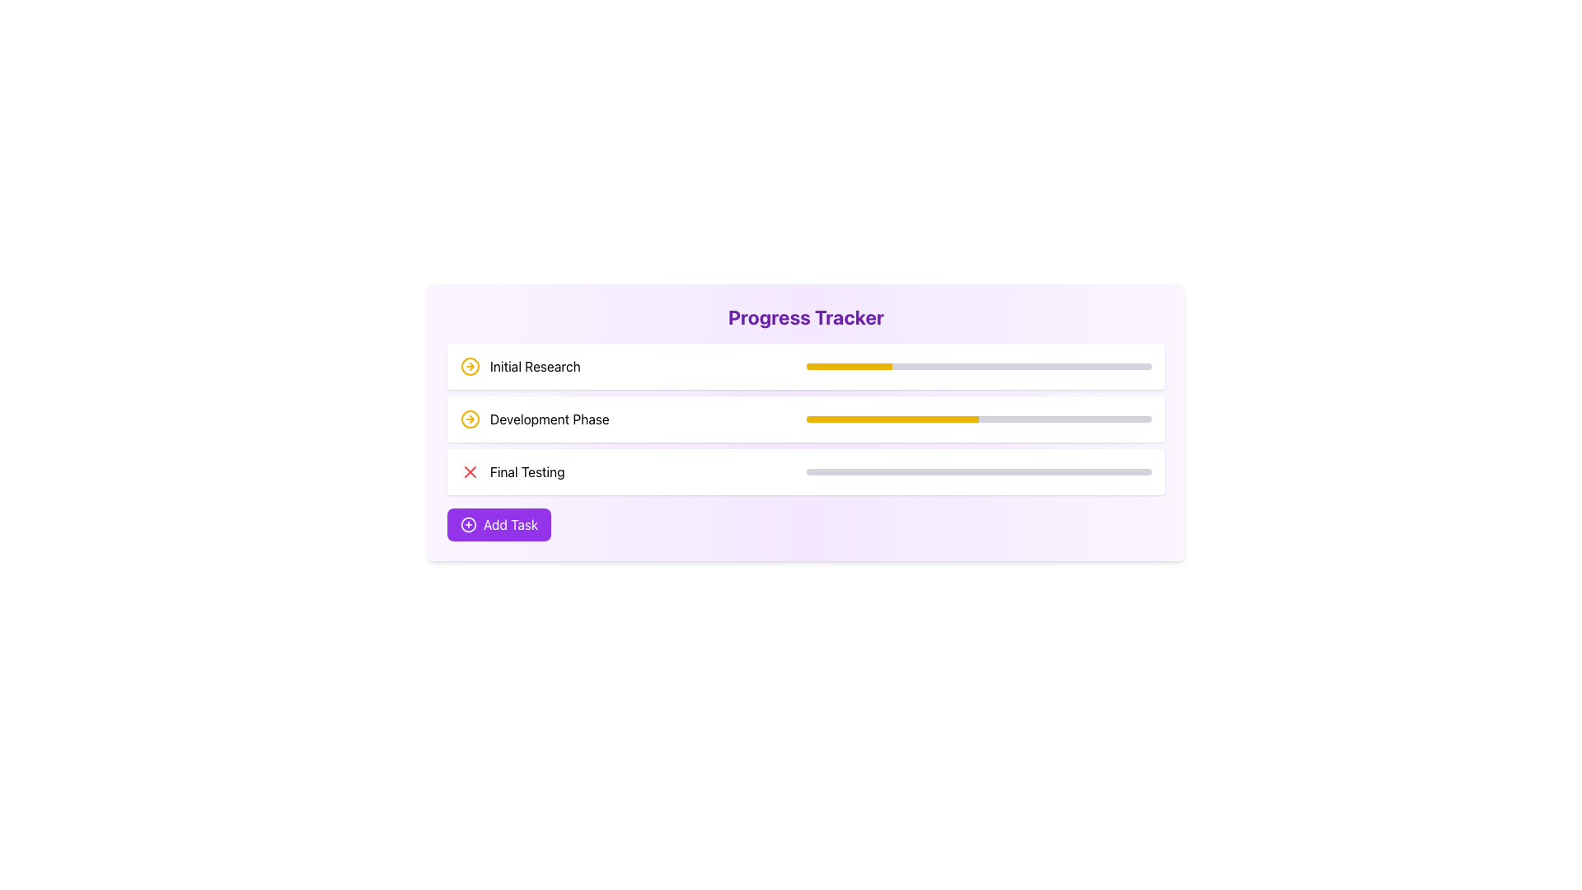 The width and height of the screenshot is (1582, 890). Describe the element at coordinates (979, 472) in the screenshot. I see `the progress bar that visually indicates the progression status of the 'Final Testing' task, located directly below the corresponding text in the third row of the list` at that location.